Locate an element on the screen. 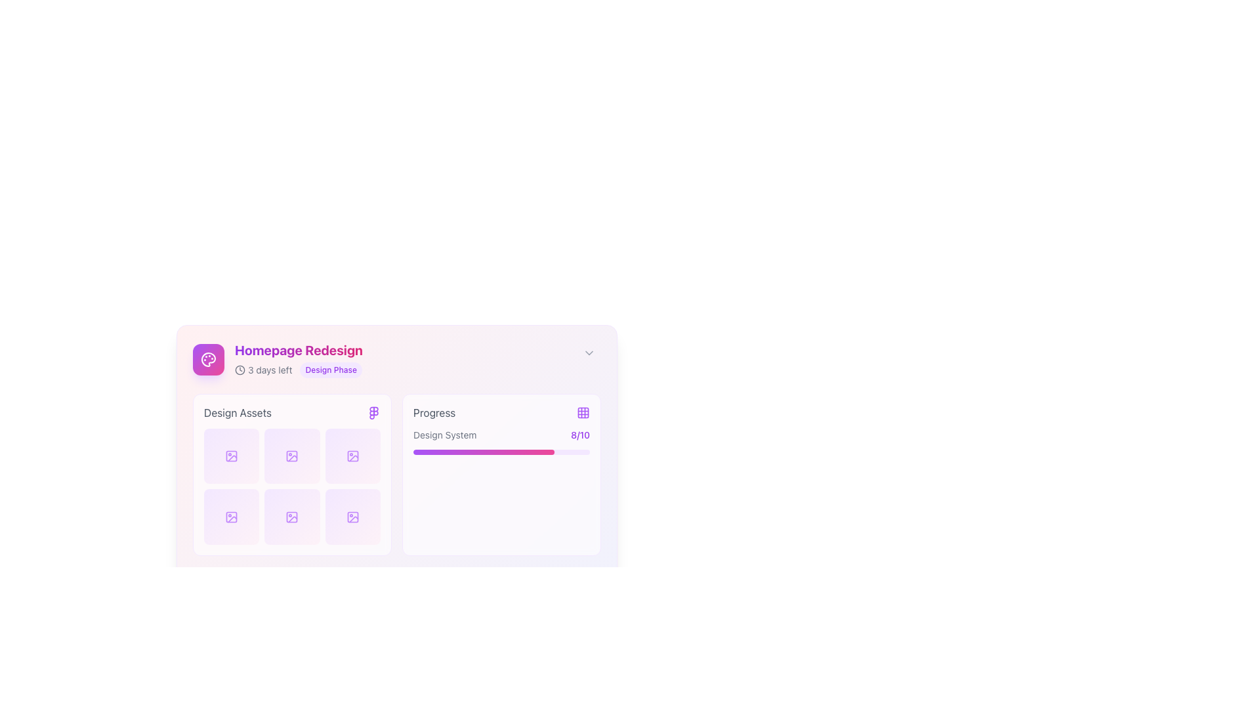 Image resolution: width=1260 pixels, height=709 pixels. the bold text label that reads 'Homepage Redesign', which is prominently displayed at the top center of the card layout, above the '3 days left' text and 'Design Phase' tag is located at coordinates (298, 349).